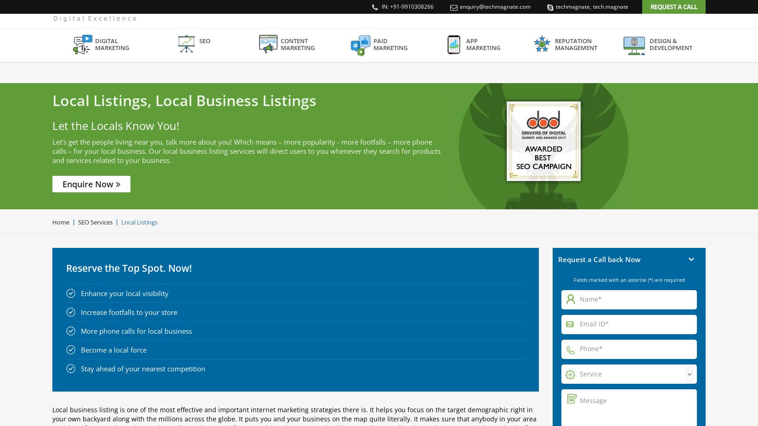  I want to click on 'tech.magnate', so click(610, 6).